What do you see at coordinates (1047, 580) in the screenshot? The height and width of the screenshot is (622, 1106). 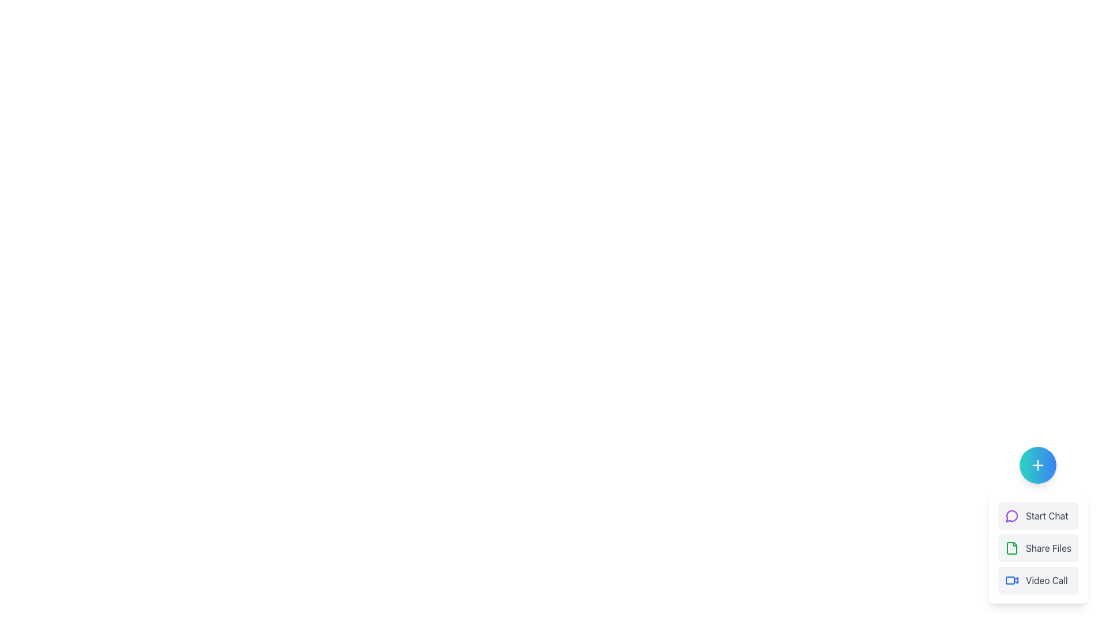 I see `the 'Video Call' text label` at bounding box center [1047, 580].